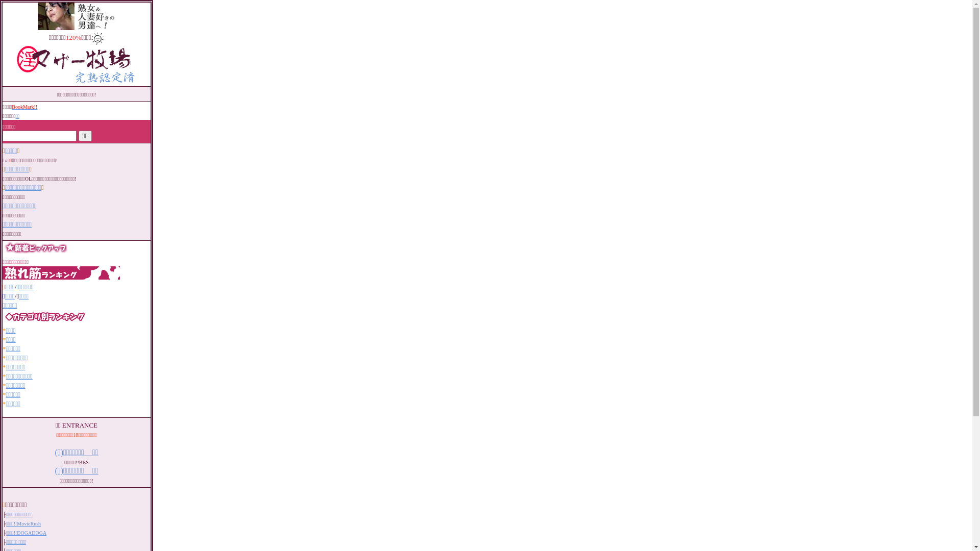 The image size is (980, 551). I want to click on 'BookMark!!', so click(24, 107).